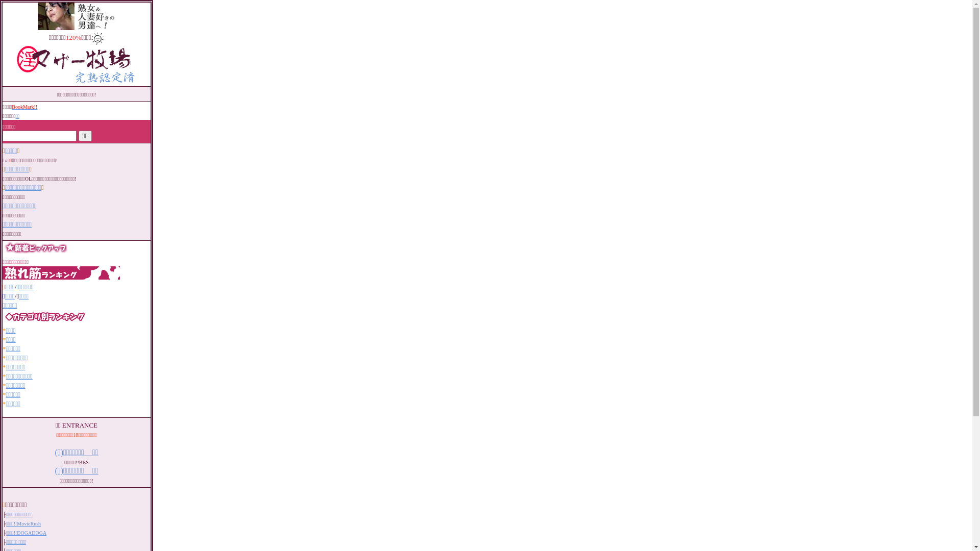 The image size is (980, 551). I want to click on 'BookMark!!', so click(24, 107).